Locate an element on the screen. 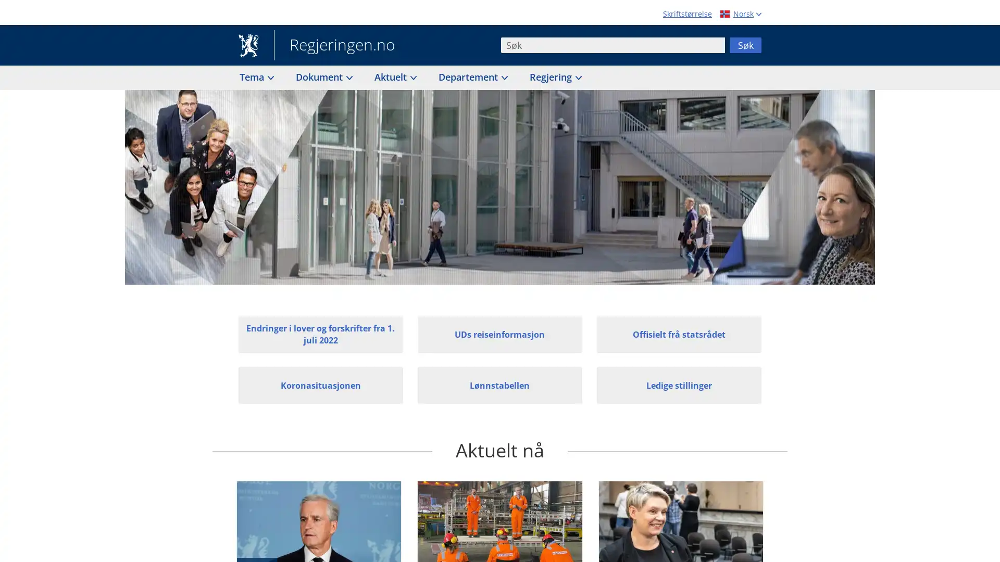  Norsk is located at coordinates (739, 14).